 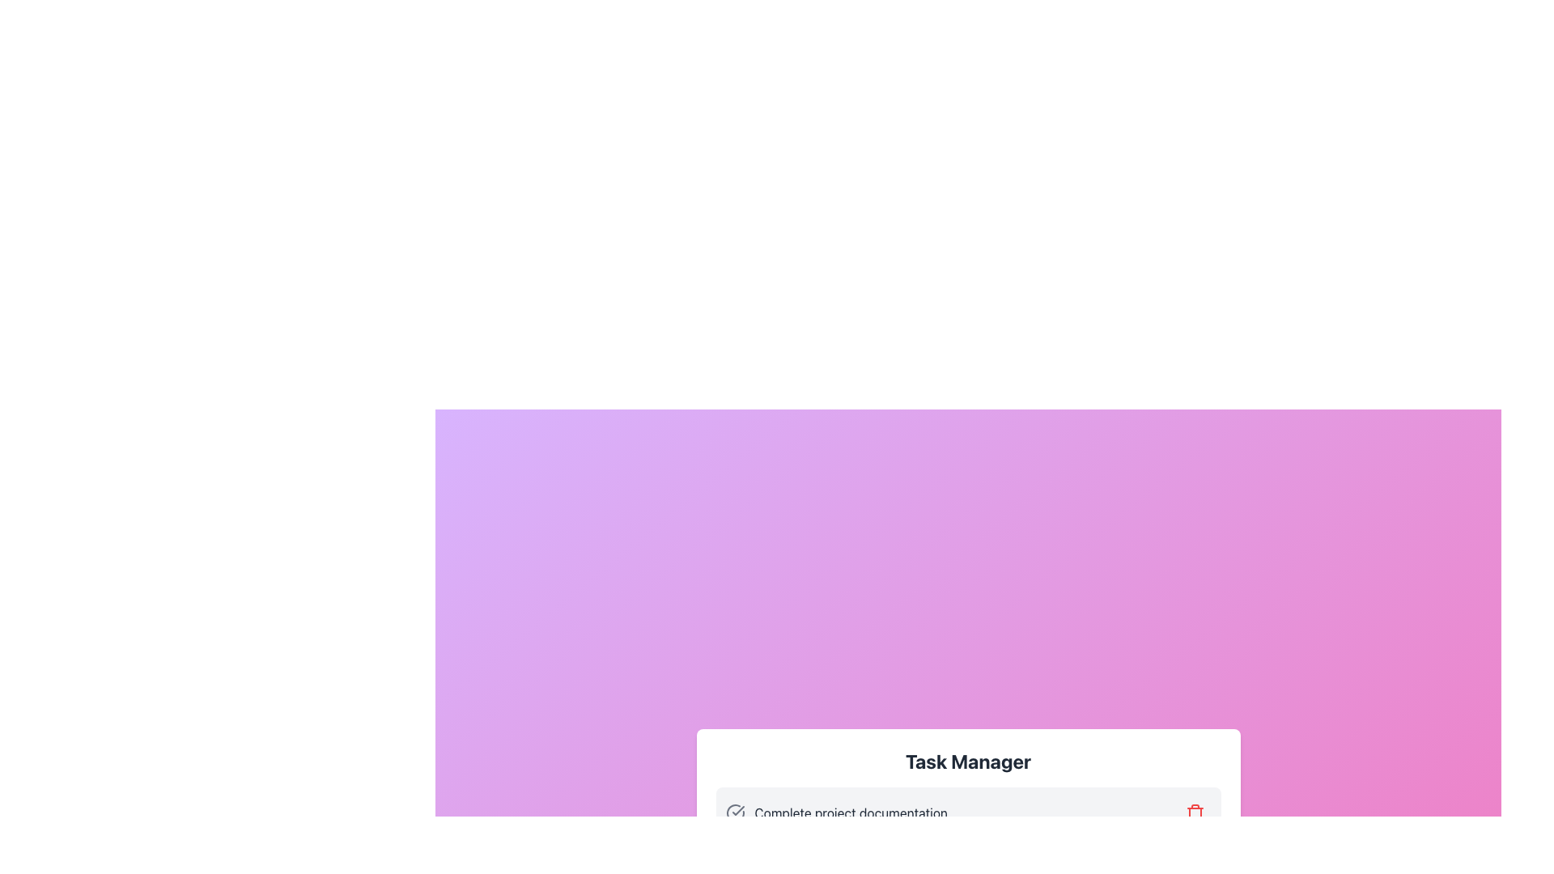 What do you see at coordinates (1195, 813) in the screenshot?
I see `the red trash can icon button located on the right side of the action bar` at bounding box center [1195, 813].